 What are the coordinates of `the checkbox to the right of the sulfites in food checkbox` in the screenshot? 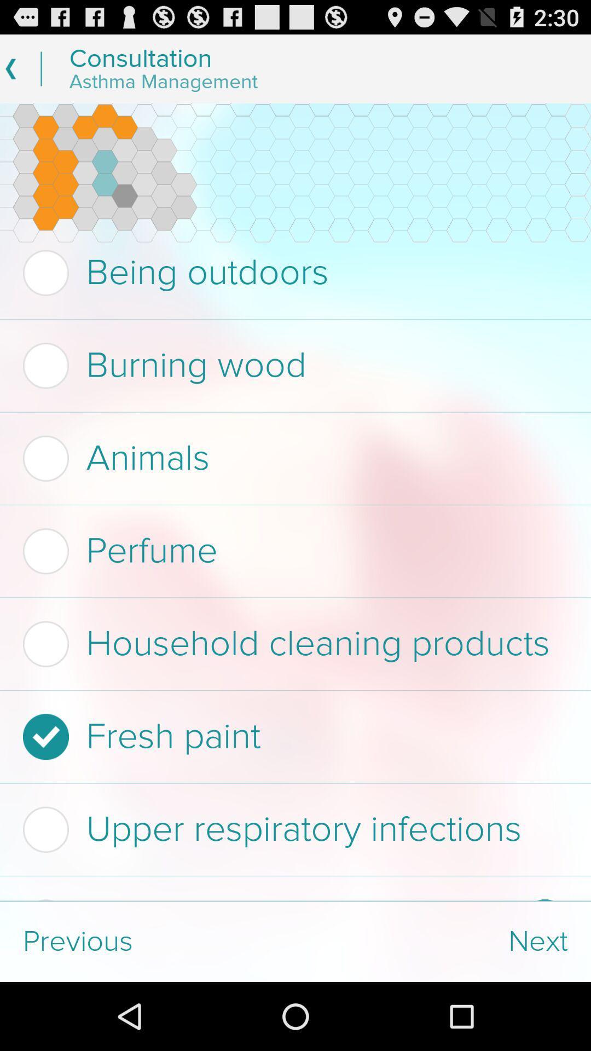 It's located at (544, 900).